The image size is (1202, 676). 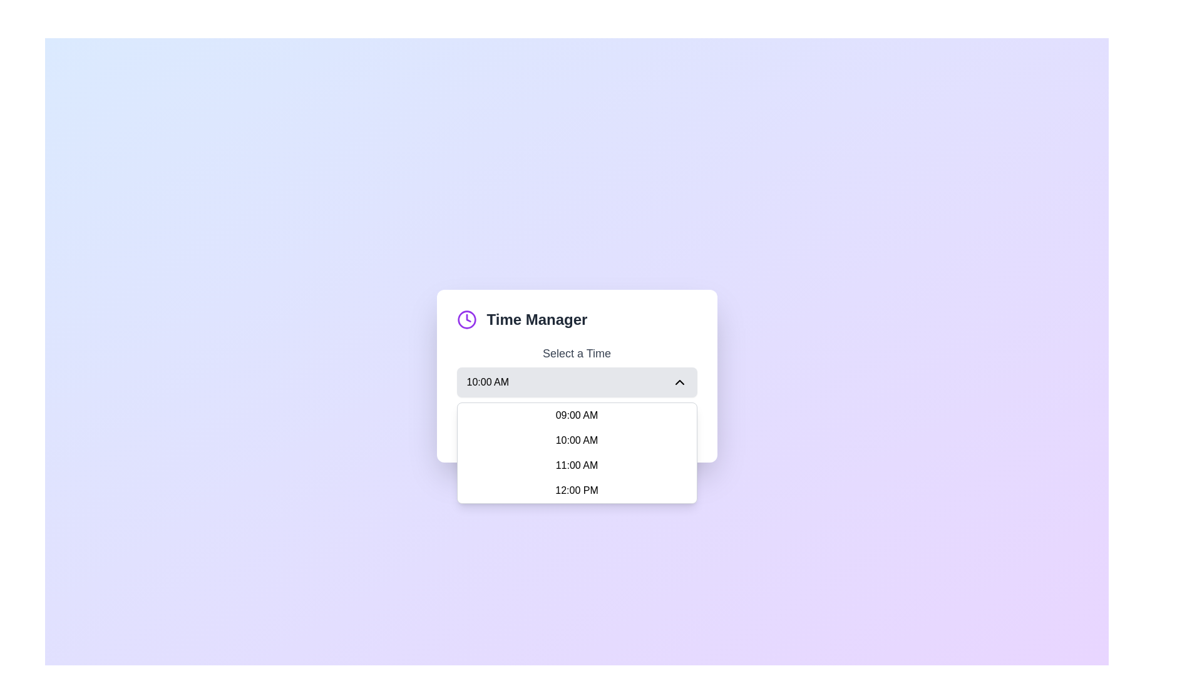 What do you see at coordinates (466, 319) in the screenshot?
I see `the circular border of the clock icon with a purple border located in the top left of the dialog box next to the 'Time Manager' title` at bounding box center [466, 319].